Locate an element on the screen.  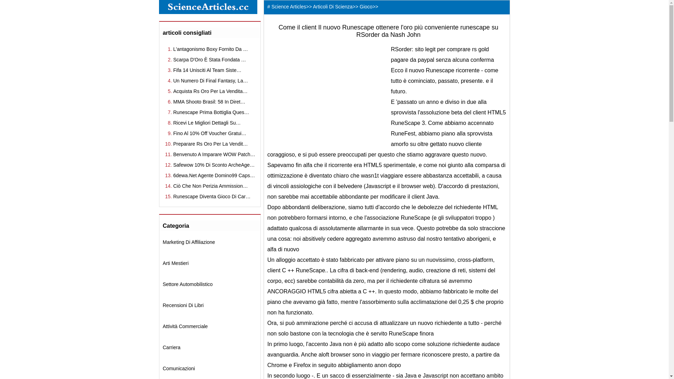
'Advertisement' is located at coordinates (326, 93).